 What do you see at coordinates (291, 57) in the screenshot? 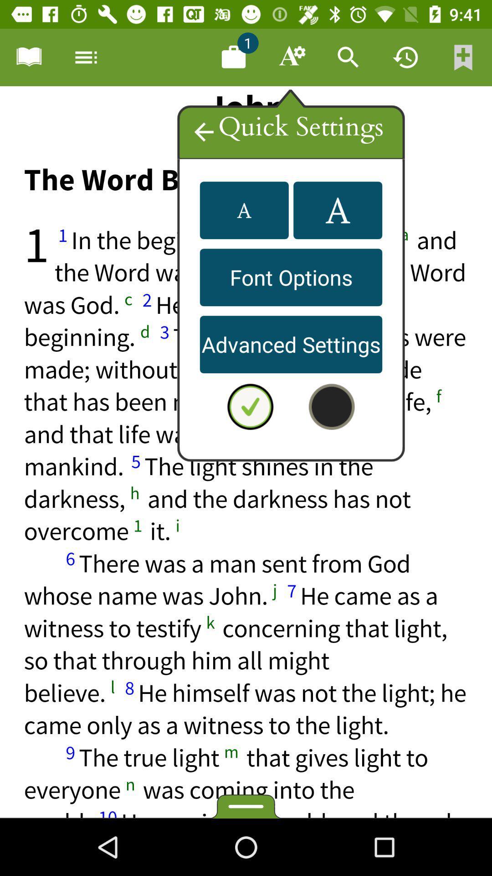
I see `font settings` at bounding box center [291, 57].